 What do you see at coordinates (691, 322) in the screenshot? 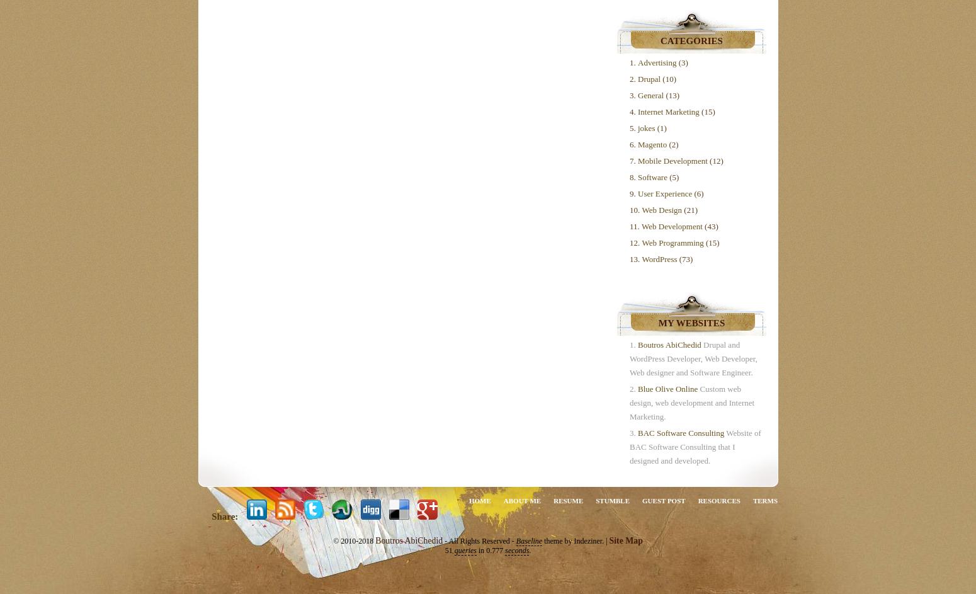
I see `'My Websites'` at bounding box center [691, 322].